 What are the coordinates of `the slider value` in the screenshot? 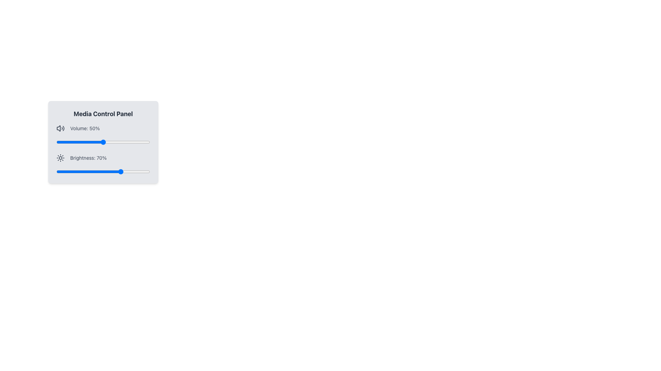 It's located at (147, 142).